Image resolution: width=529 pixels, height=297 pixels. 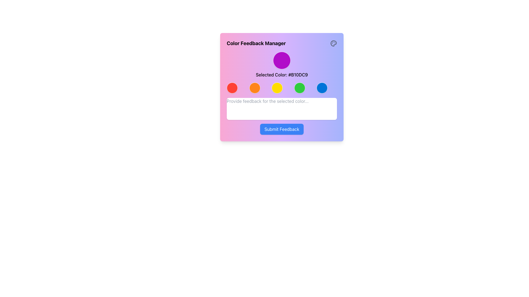 What do you see at coordinates (333, 43) in the screenshot?
I see `the color management icon located in the top-right corner of the 'Color Feedback Manager' panel` at bounding box center [333, 43].